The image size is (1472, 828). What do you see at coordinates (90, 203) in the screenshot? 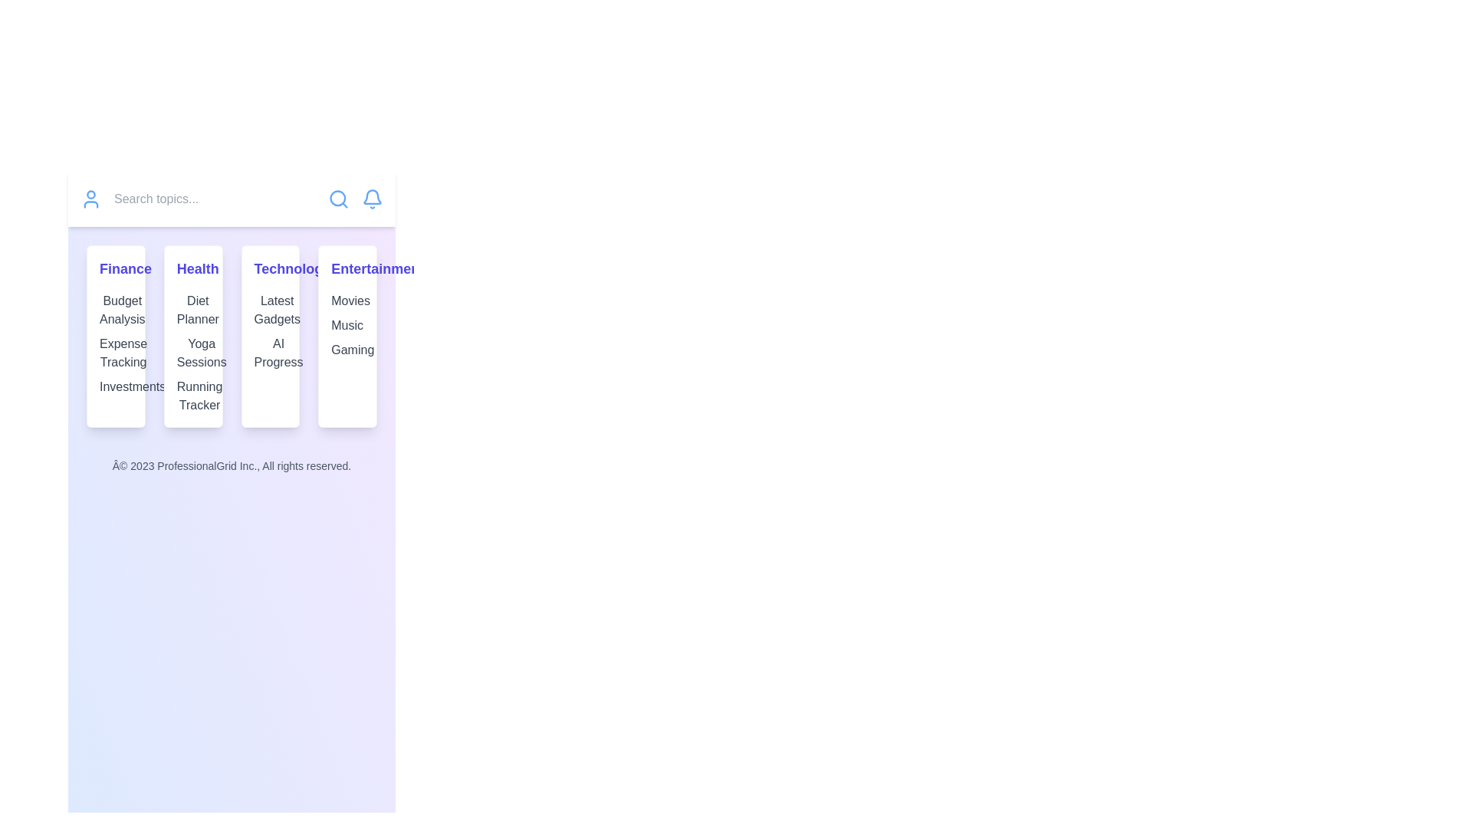
I see `the lower portion of the user icon located at the top-left corner of the interface to interact with the profile menu` at bounding box center [90, 203].